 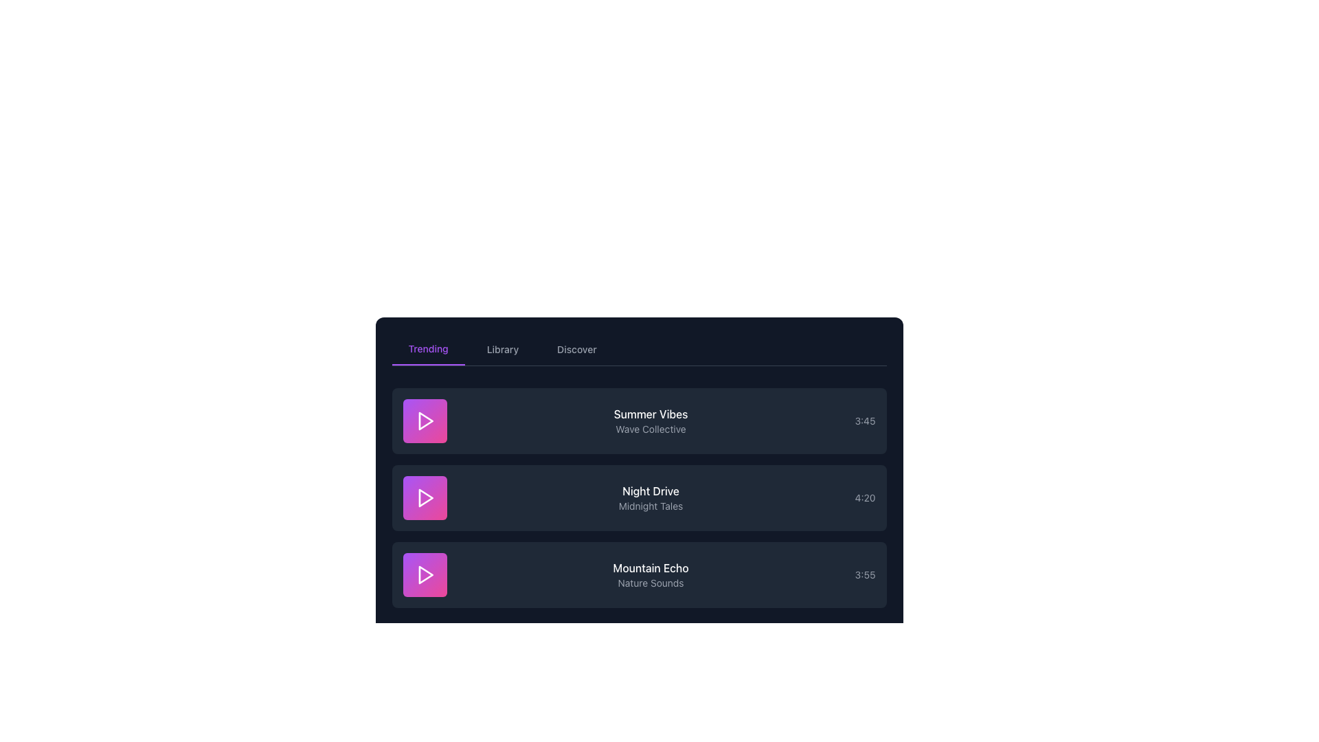 I want to click on the list item displaying 'Night Drive' with the duration label '4:20', so click(x=638, y=498).